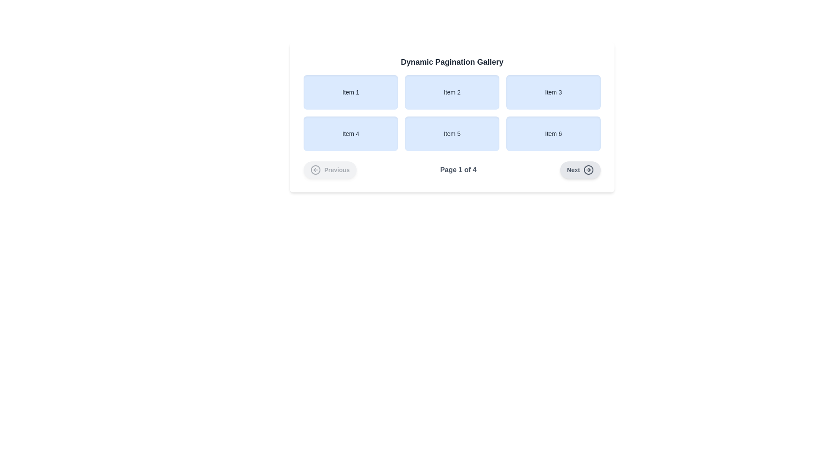 The image size is (828, 466). What do you see at coordinates (458, 170) in the screenshot?
I see `the static text element that displays the current page number and total number of pages in the pagination control area, located between the 'Previous' and 'Next' buttons` at bounding box center [458, 170].